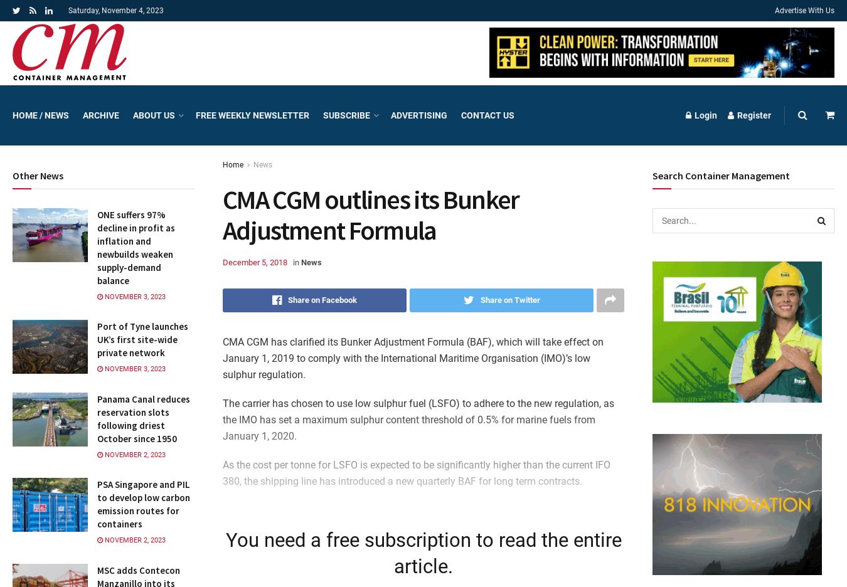  What do you see at coordinates (136, 246) in the screenshot?
I see `'ONE suffers 97% decline in profit as inflation and newbuilds weaken supply-demand balance'` at bounding box center [136, 246].